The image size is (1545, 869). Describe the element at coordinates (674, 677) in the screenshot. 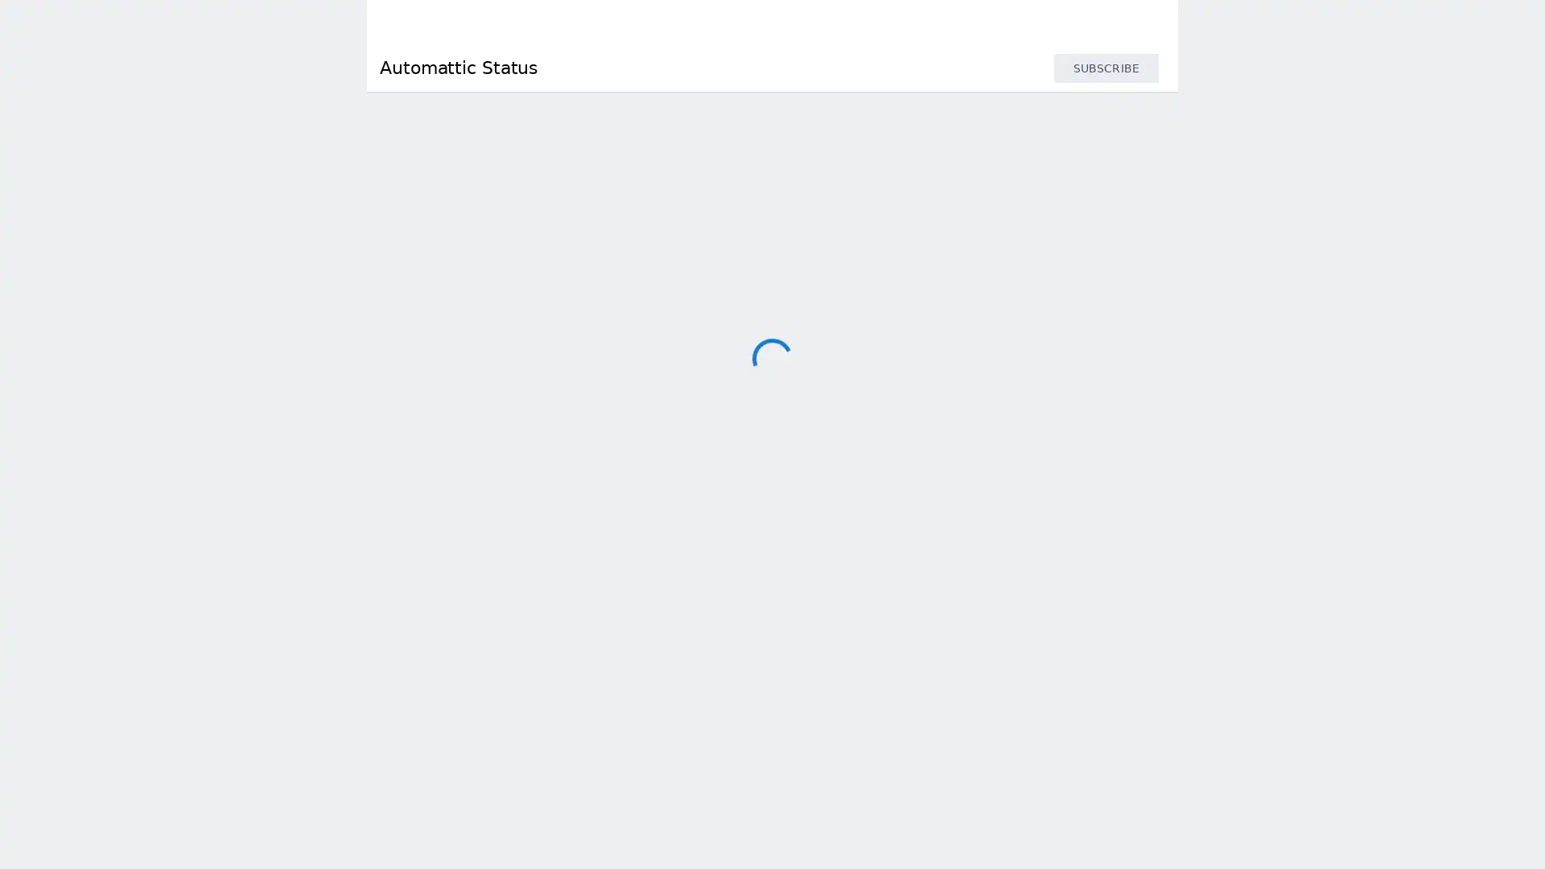

I see `Parse.ly API Response Time : 167 ms` at that location.